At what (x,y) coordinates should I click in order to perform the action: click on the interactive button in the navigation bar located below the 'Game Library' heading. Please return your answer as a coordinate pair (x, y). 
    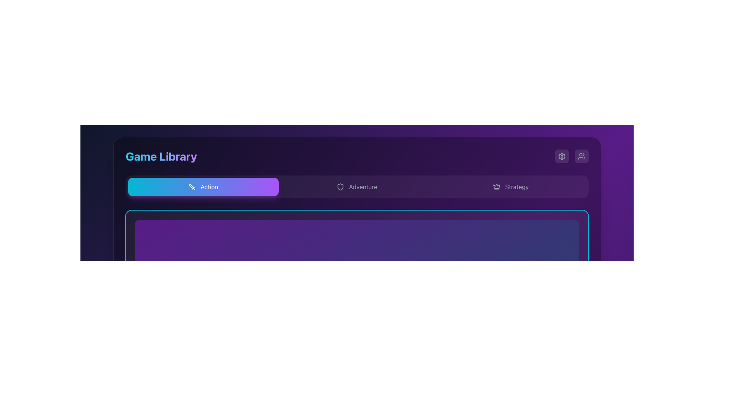
    Looking at the image, I should click on (356, 187).